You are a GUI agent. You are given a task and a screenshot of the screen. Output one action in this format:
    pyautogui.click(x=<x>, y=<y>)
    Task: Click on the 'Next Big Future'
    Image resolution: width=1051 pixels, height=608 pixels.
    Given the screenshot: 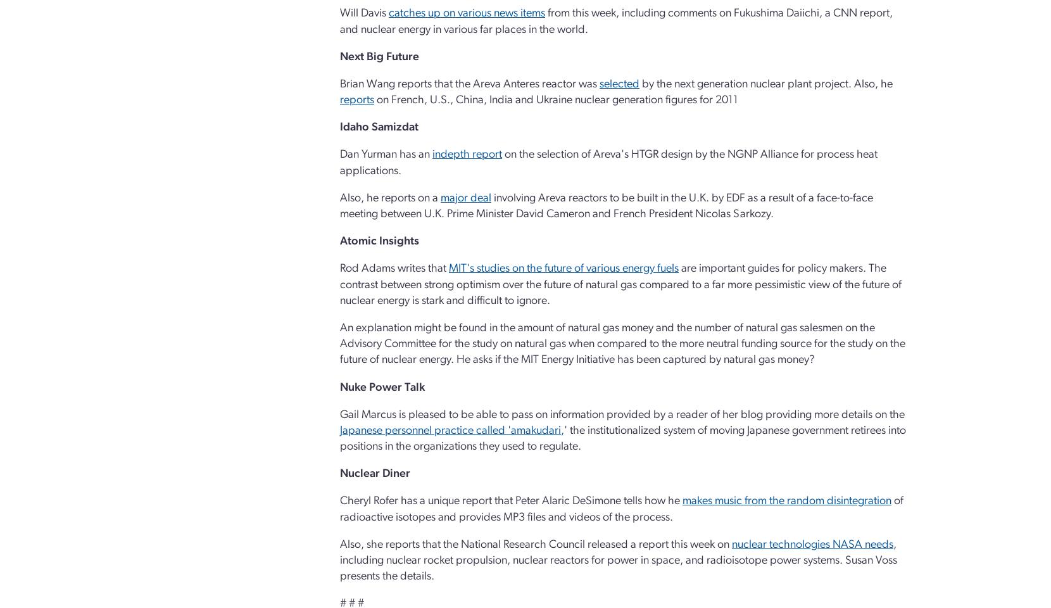 What is the action you would take?
    pyautogui.click(x=379, y=56)
    